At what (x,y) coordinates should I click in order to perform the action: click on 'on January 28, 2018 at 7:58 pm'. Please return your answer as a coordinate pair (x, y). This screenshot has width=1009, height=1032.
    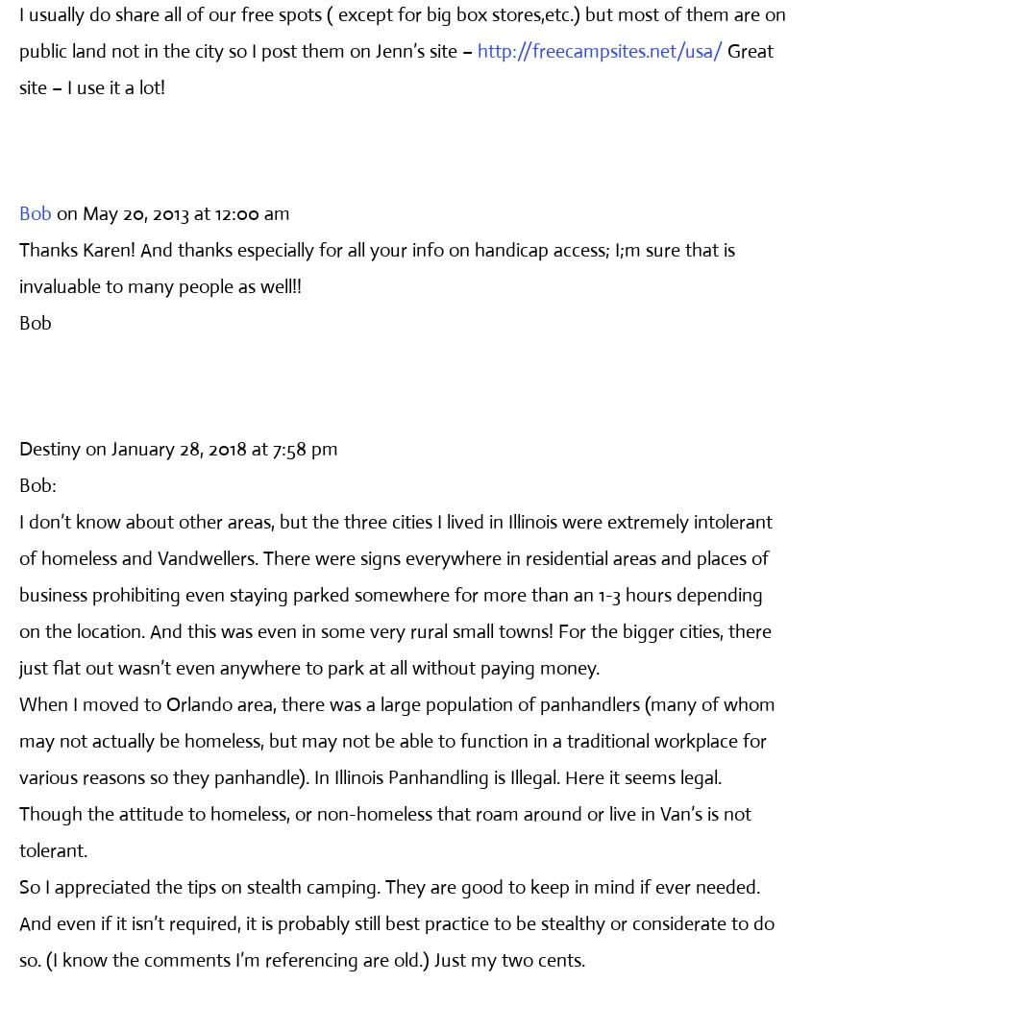
    Looking at the image, I should click on (86, 447).